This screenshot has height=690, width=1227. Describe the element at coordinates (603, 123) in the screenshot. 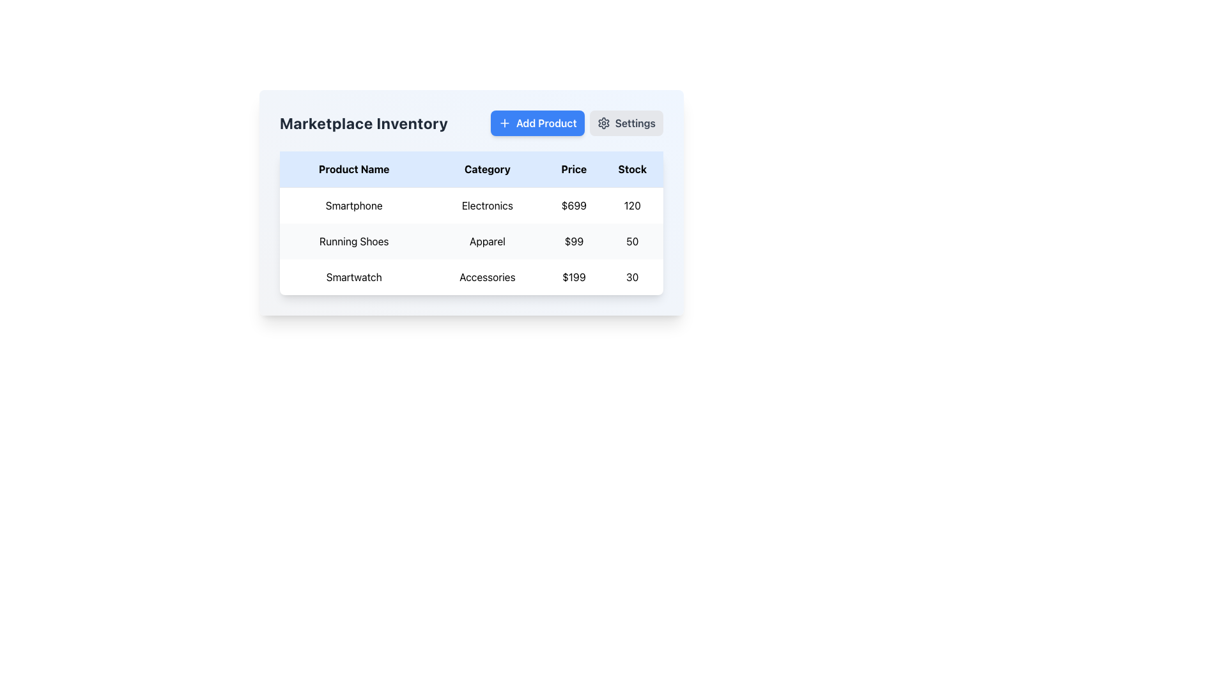

I see `the gear icon located inside the 'Settings' button in the top-right corner of the main card interface` at that location.